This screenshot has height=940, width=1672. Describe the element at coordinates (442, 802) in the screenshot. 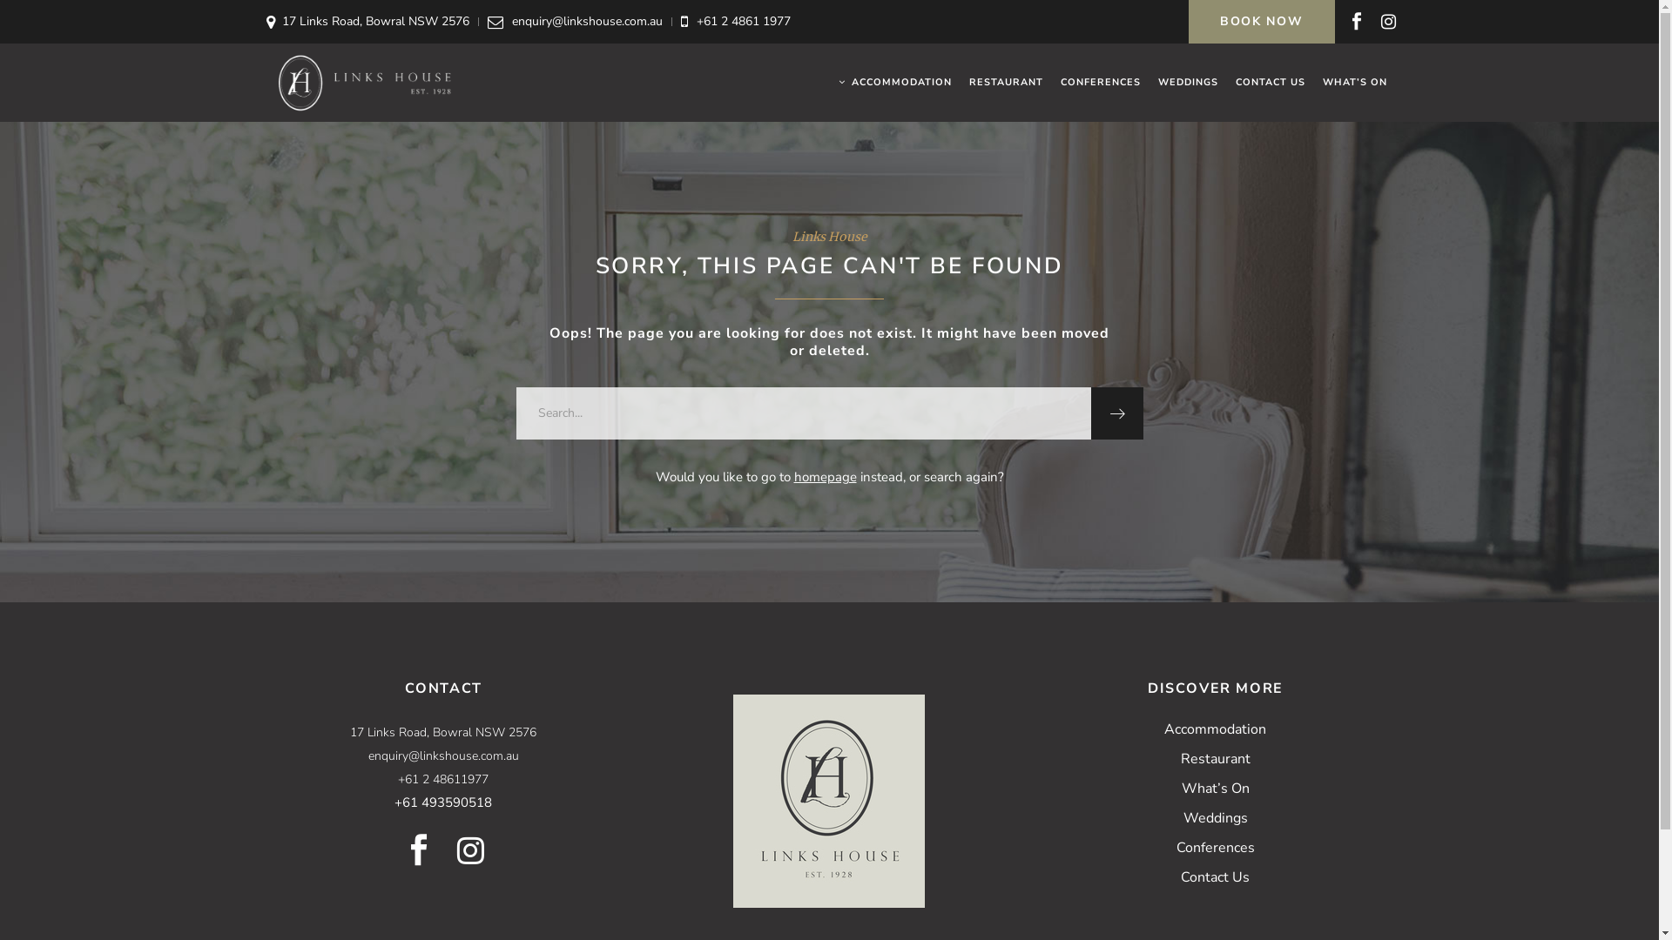

I see `'+61 493590518'` at that location.